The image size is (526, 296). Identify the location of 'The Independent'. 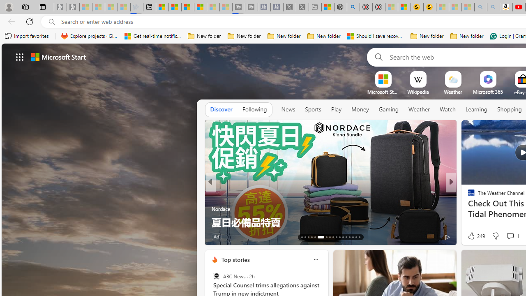
(468, 195).